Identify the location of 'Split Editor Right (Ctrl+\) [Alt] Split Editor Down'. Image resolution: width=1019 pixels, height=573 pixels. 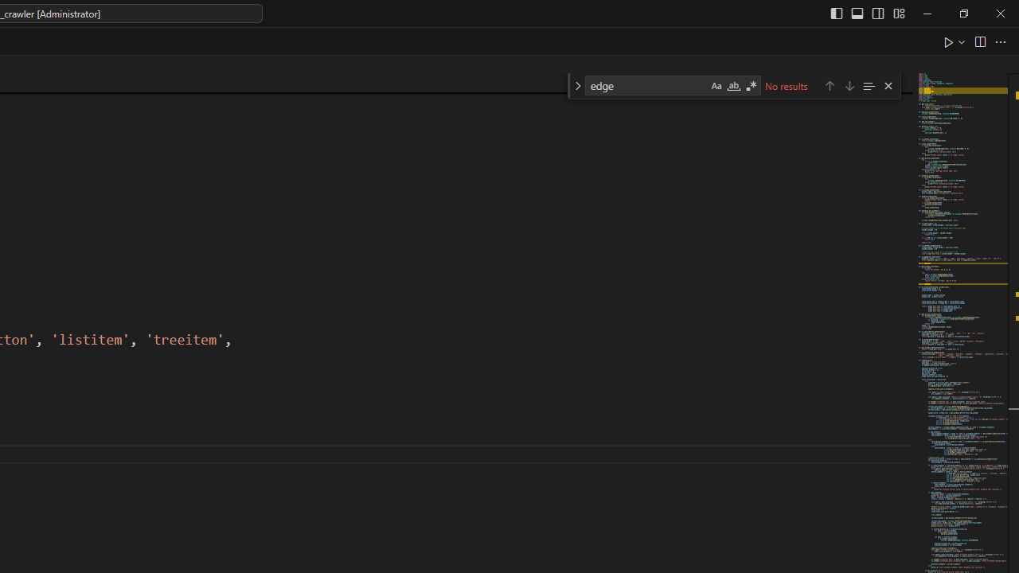
(978, 41).